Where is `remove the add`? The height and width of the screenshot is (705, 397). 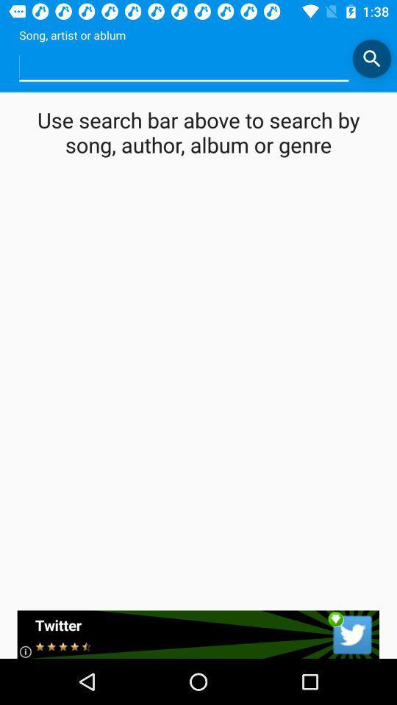
remove the add is located at coordinates (198, 634).